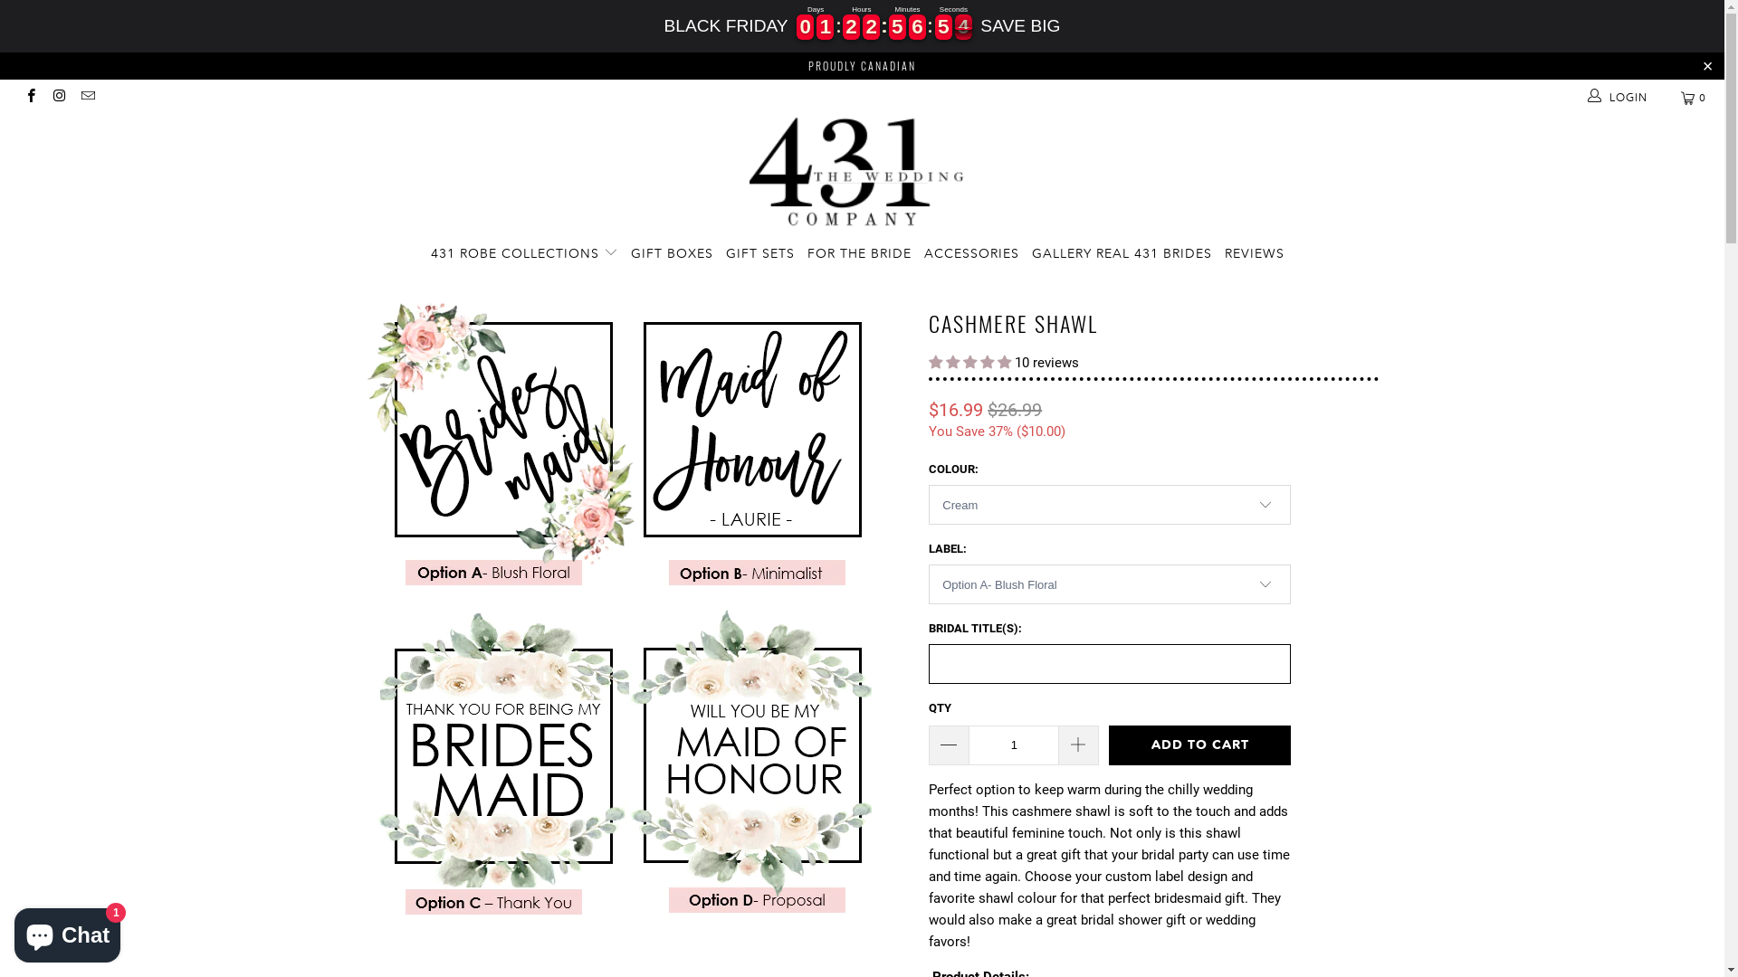  Describe the element at coordinates (760, 253) in the screenshot. I see `'GIFT SETS'` at that location.